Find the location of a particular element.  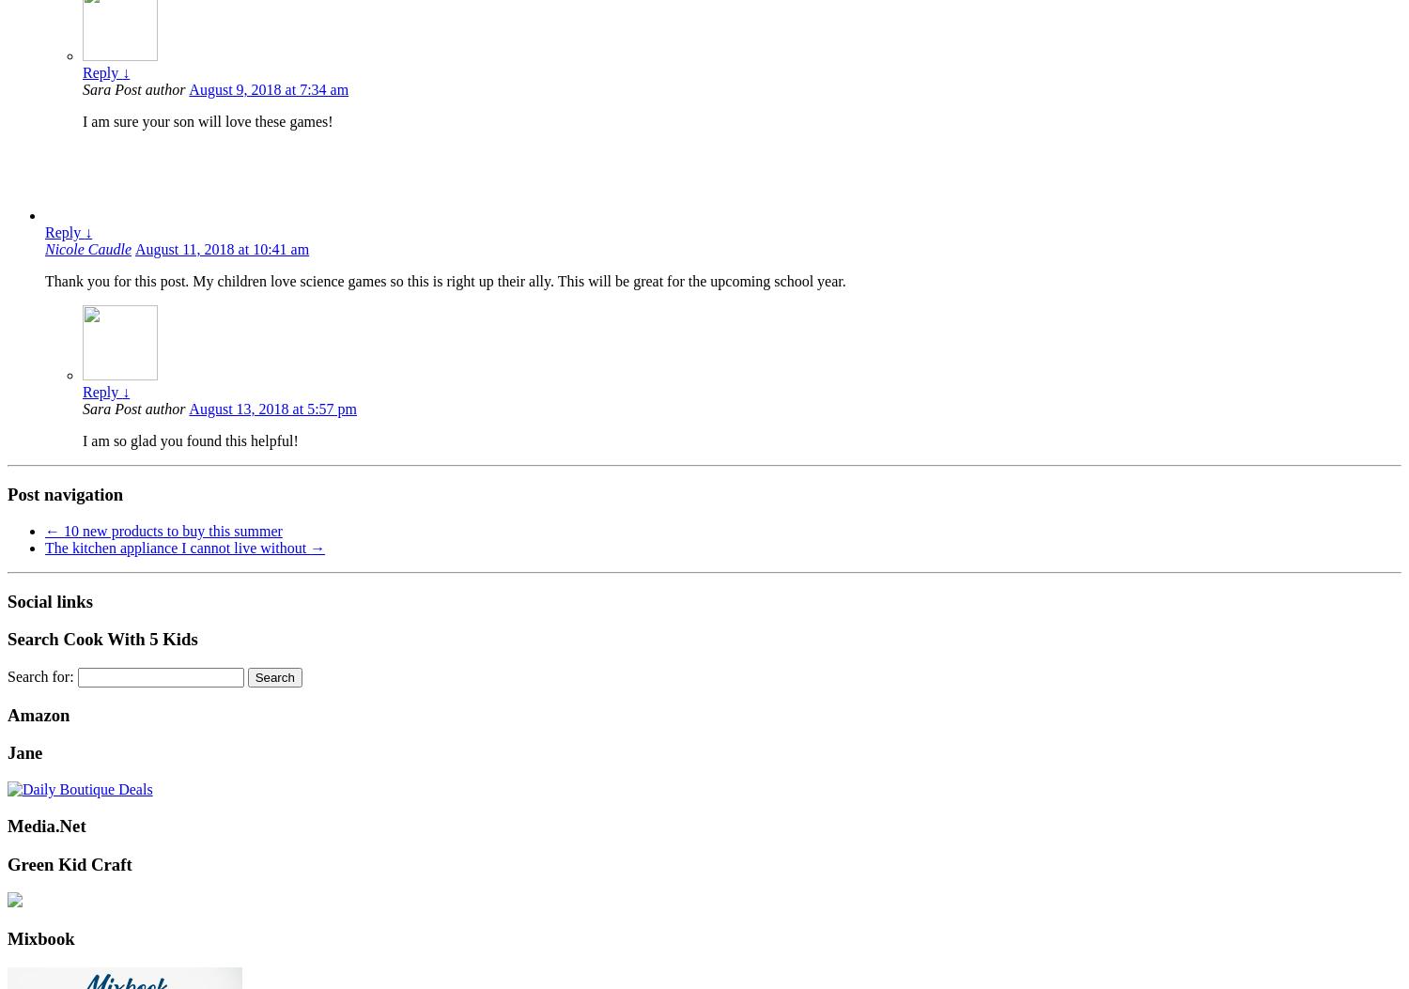

'August 13, 2018 at 5:57 pm' is located at coordinates (188, 408).